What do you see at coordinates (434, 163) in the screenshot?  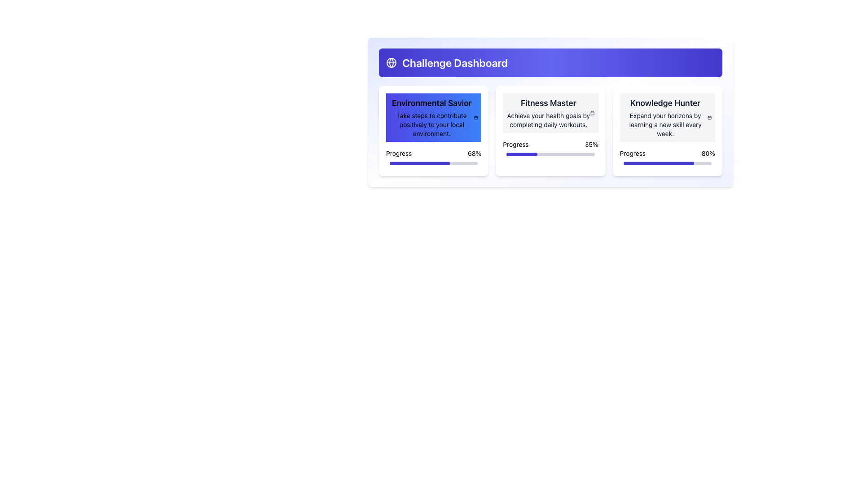 I see `the horizontal progress bar located below the 'Progress68%' text inside the 'Environmental Savior' card in the 'Challenge Dashboard'` at bounding box center [434, 163].